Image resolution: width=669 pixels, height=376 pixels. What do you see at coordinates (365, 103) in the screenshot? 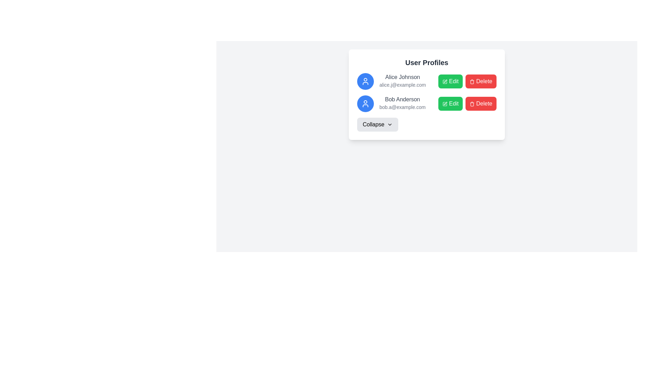
I see `the user profile icon located at the top left corner of the user profile entry, adjacent to the user's name and email` at bounding box center [365, 103].